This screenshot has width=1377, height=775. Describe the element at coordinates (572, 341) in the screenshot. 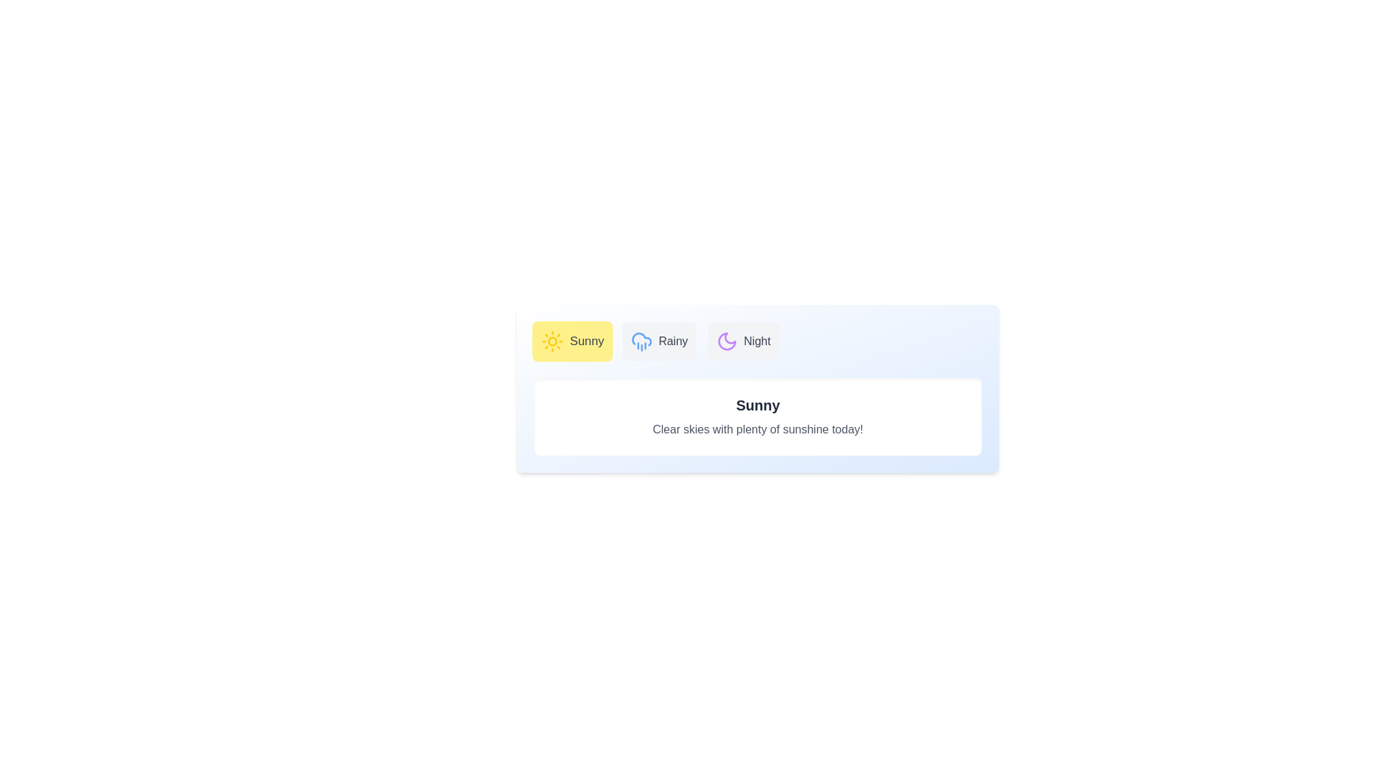

I see `the Sunny tab to select it` at that location.